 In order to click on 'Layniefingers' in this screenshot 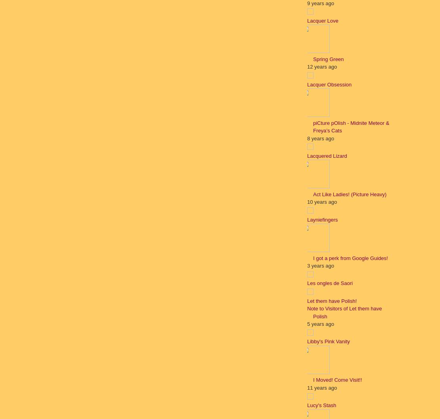, I will do `click(322, 219)`.